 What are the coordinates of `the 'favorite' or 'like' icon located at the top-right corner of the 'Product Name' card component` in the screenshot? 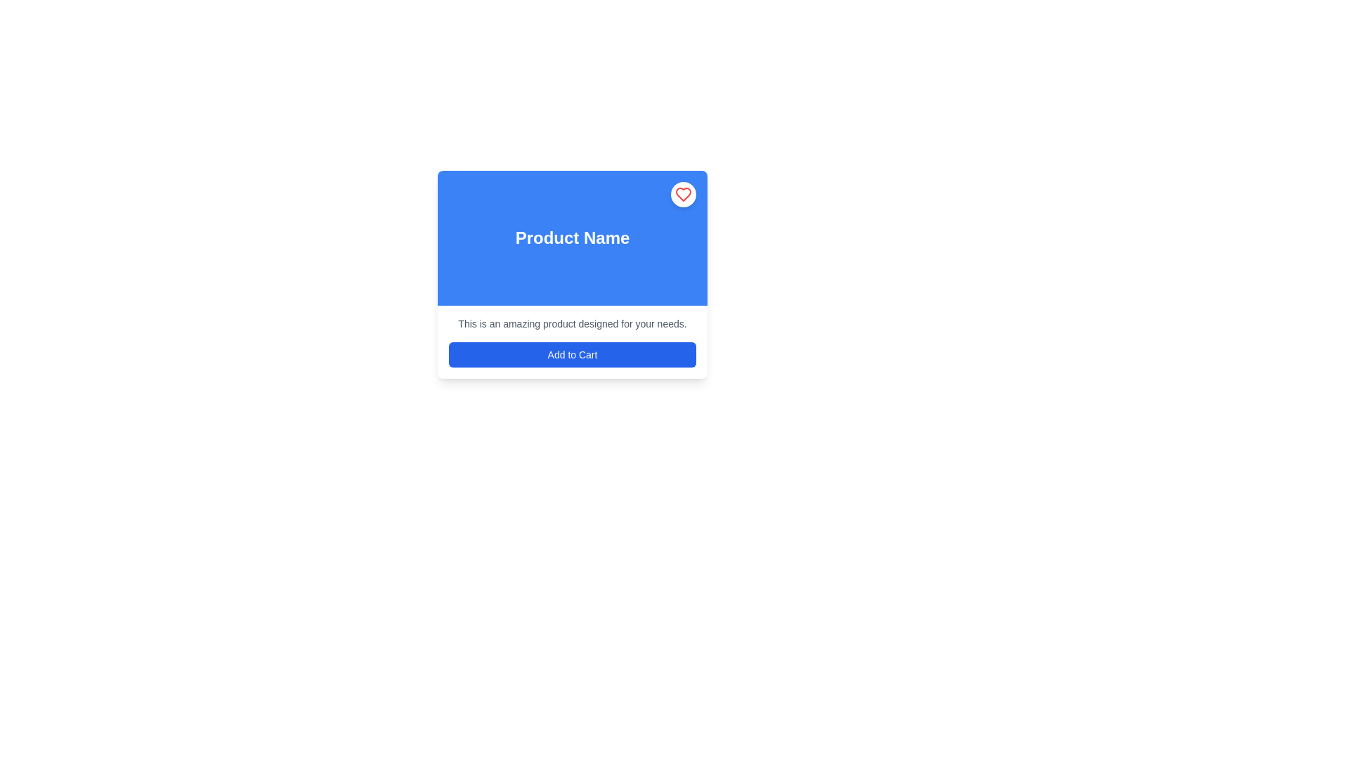 It's located at (684, 195).